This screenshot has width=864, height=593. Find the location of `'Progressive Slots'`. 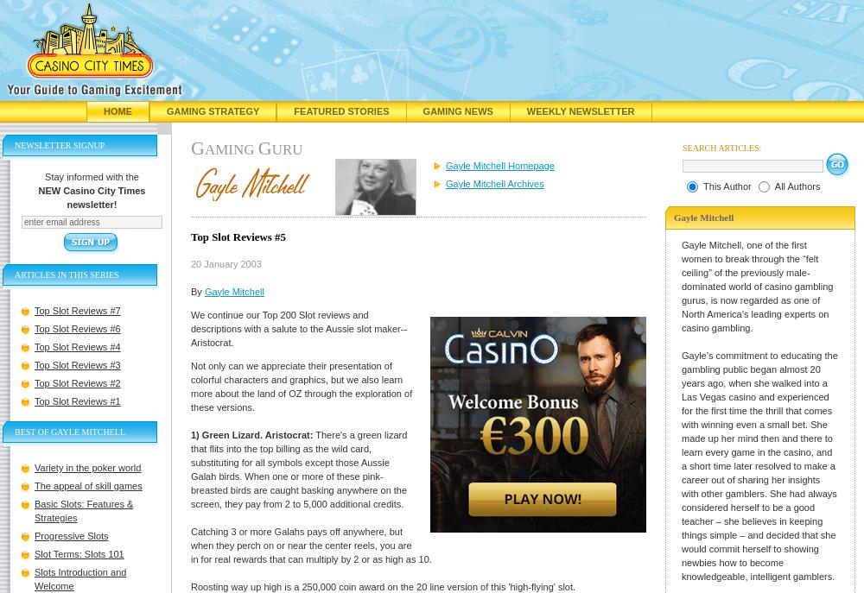

'Progressive Slots' is located at coordinates (35, 534).